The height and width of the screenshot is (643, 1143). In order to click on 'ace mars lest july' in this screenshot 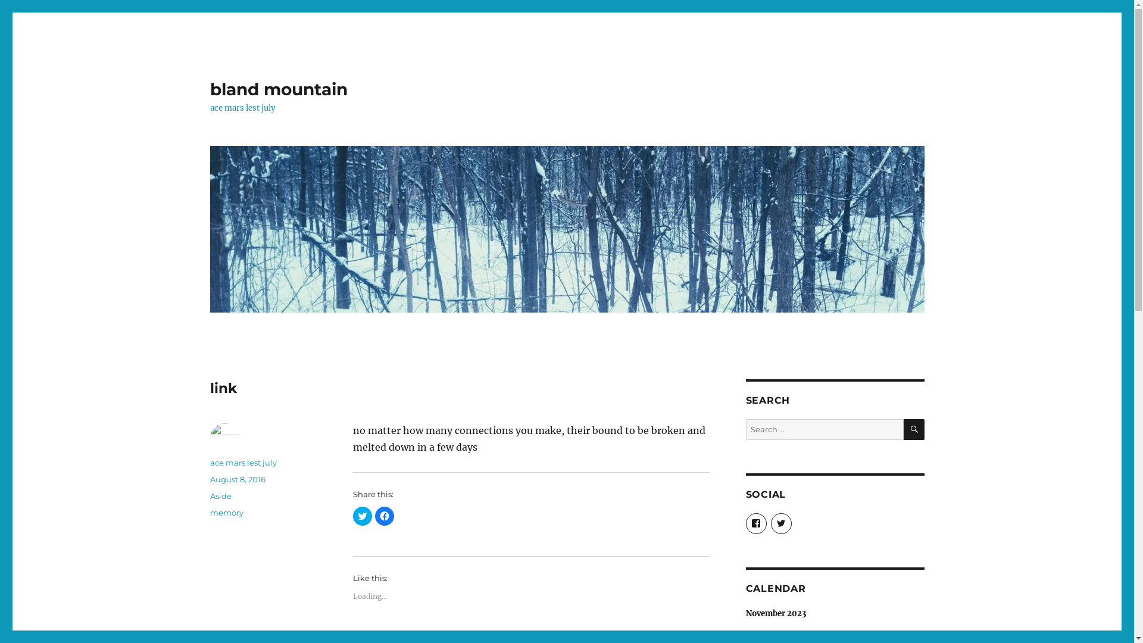, I will do `click(242, 461)`.